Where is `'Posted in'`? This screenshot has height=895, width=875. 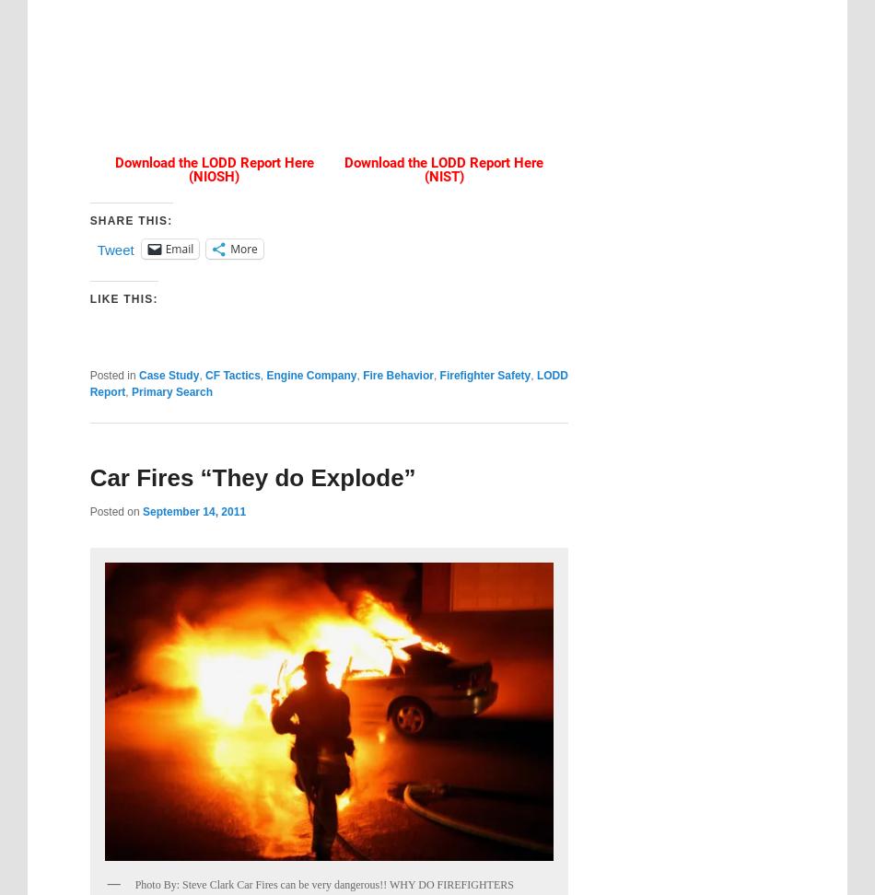 'Posted in' is located at coordinates (111, 374).